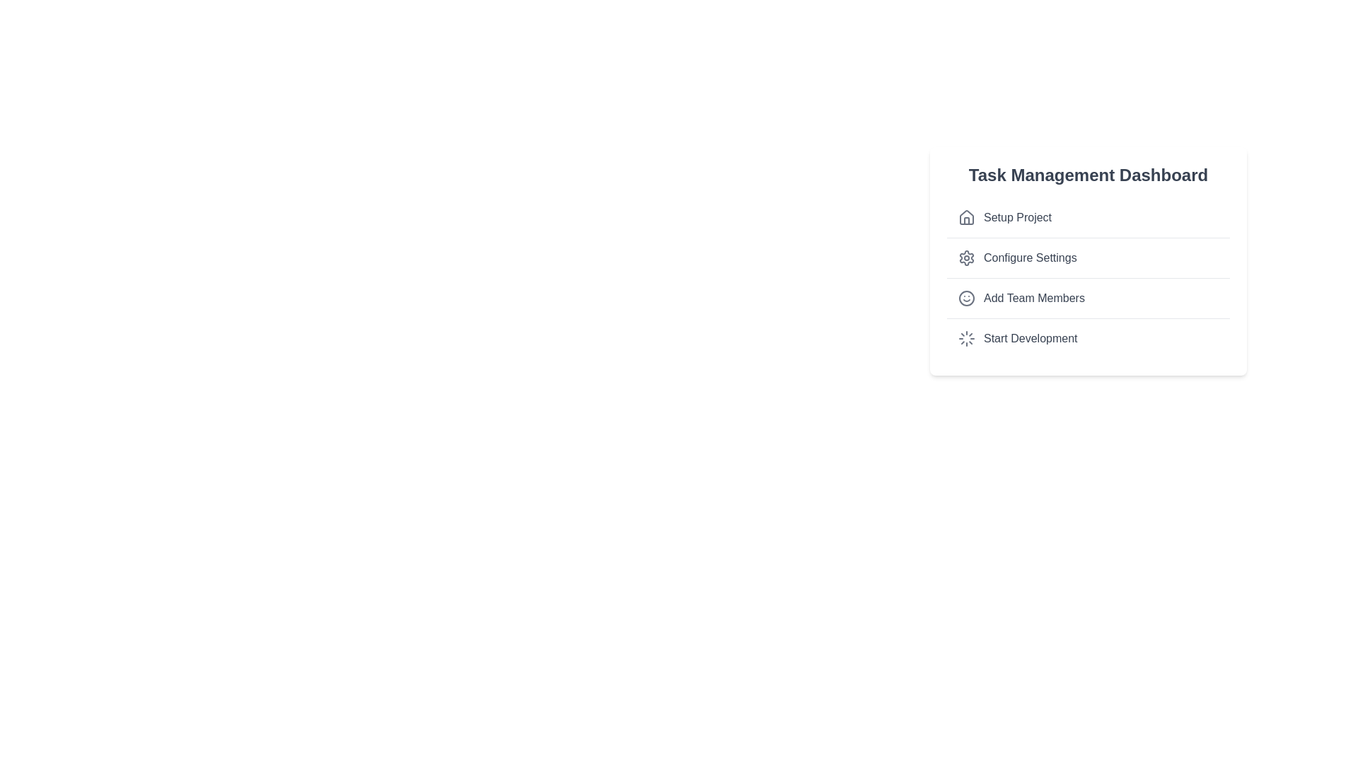  I want to click on the 'Setup Project' text label in the sidebar menu, so click(1017, 218).